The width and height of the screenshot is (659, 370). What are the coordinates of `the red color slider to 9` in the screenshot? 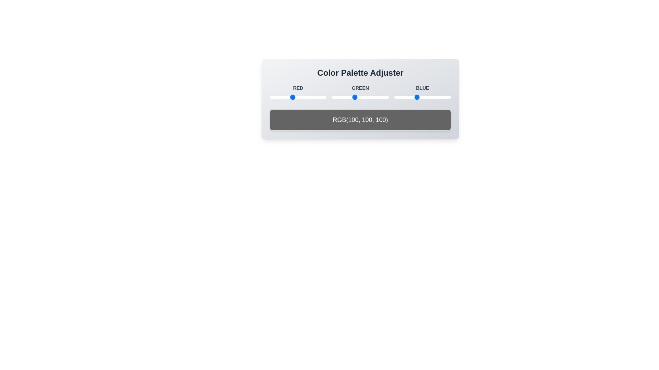 It's located at (271, 97).